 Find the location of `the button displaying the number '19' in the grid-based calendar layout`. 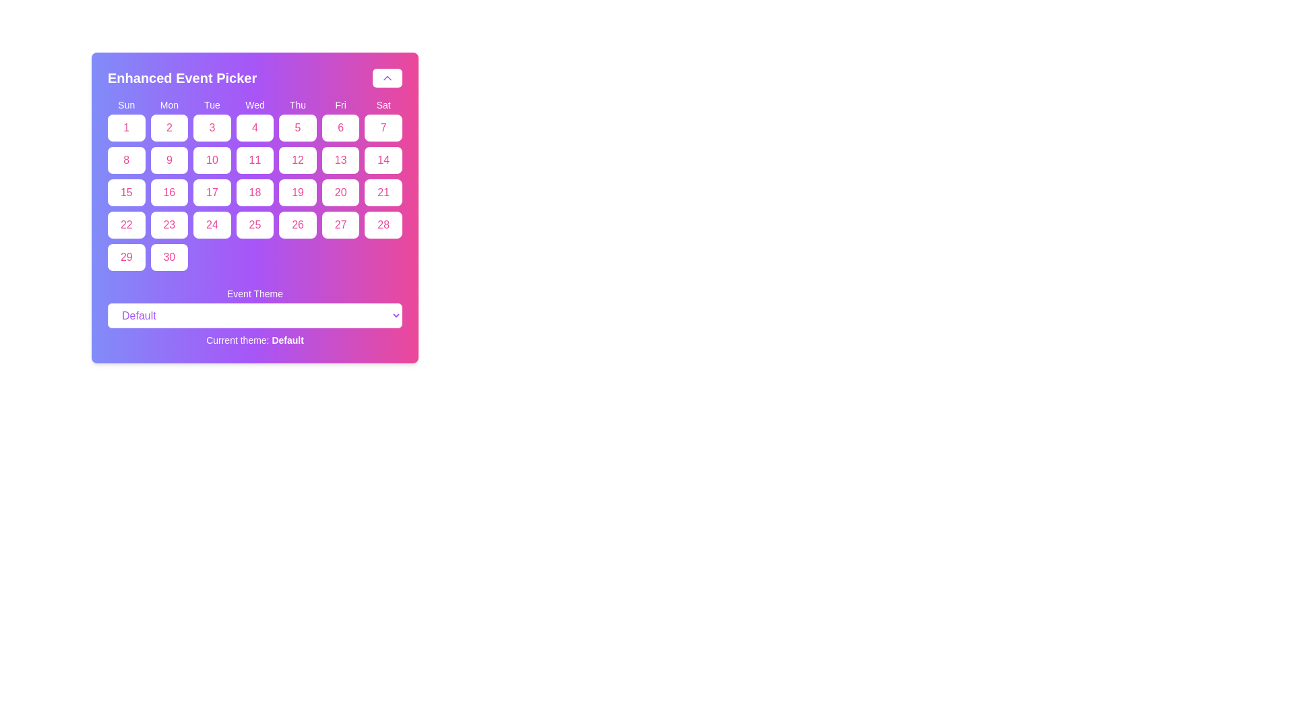

the button displaying the number '19' in the grid-based calendar layout is located at coordinates (297, 192).